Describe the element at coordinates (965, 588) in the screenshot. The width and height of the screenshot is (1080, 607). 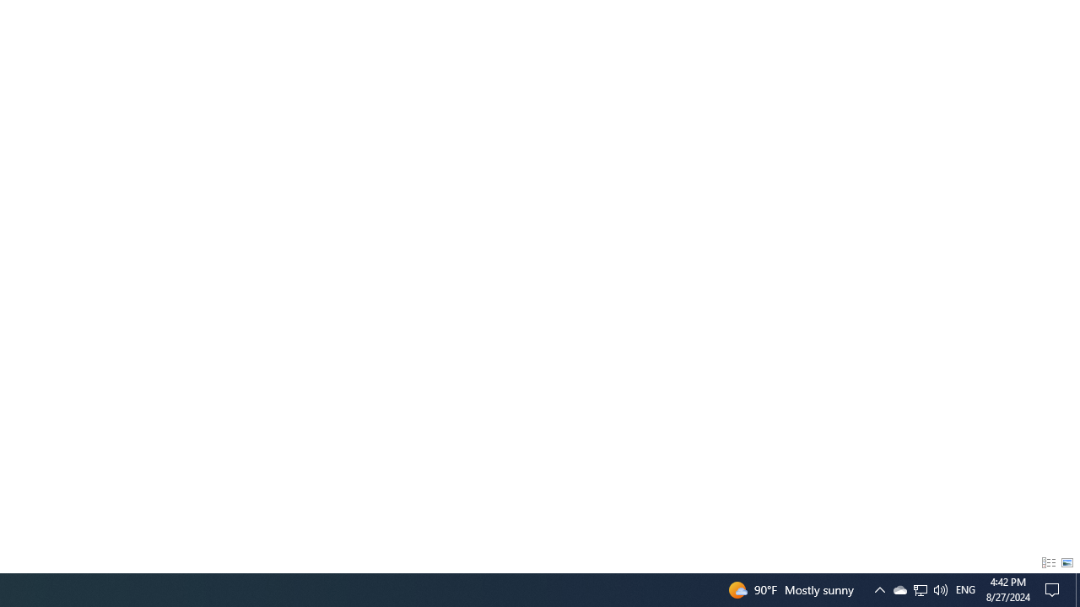
I see `'Tray Input Indicator - English (United States)'` at that location.